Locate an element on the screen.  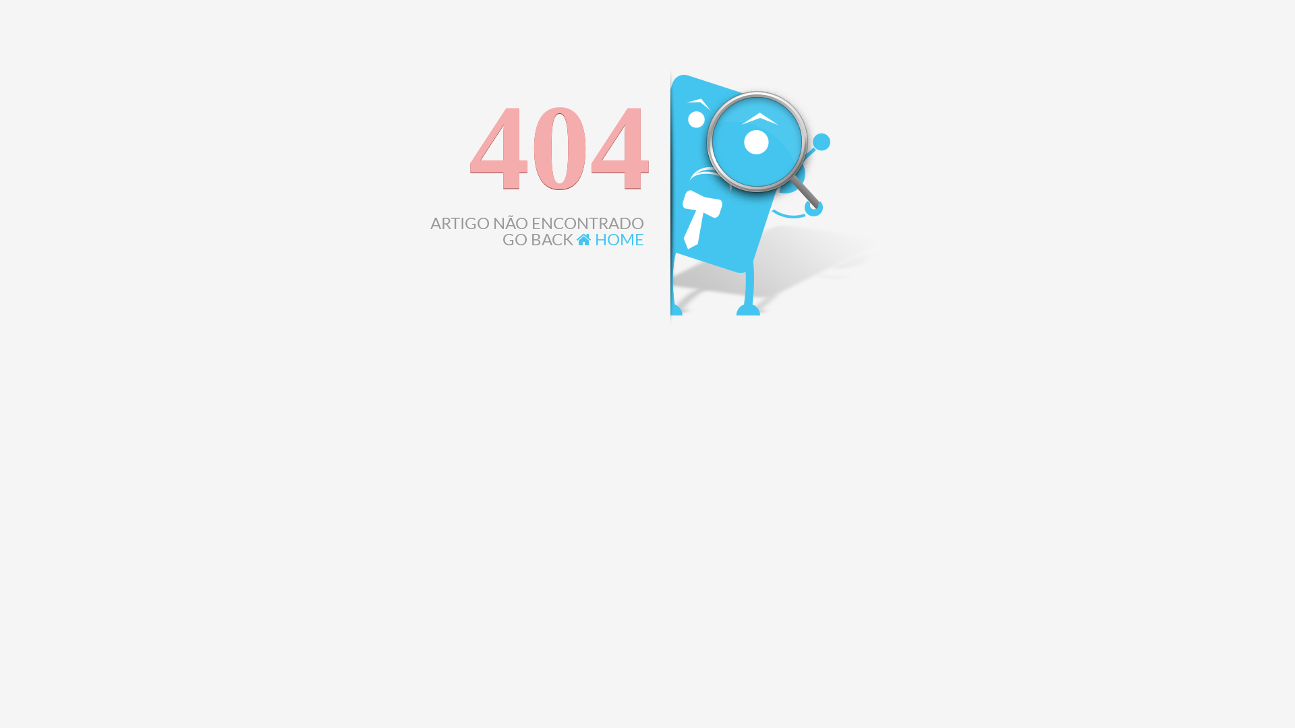
'HOME' is located at coordinates (610, 238).